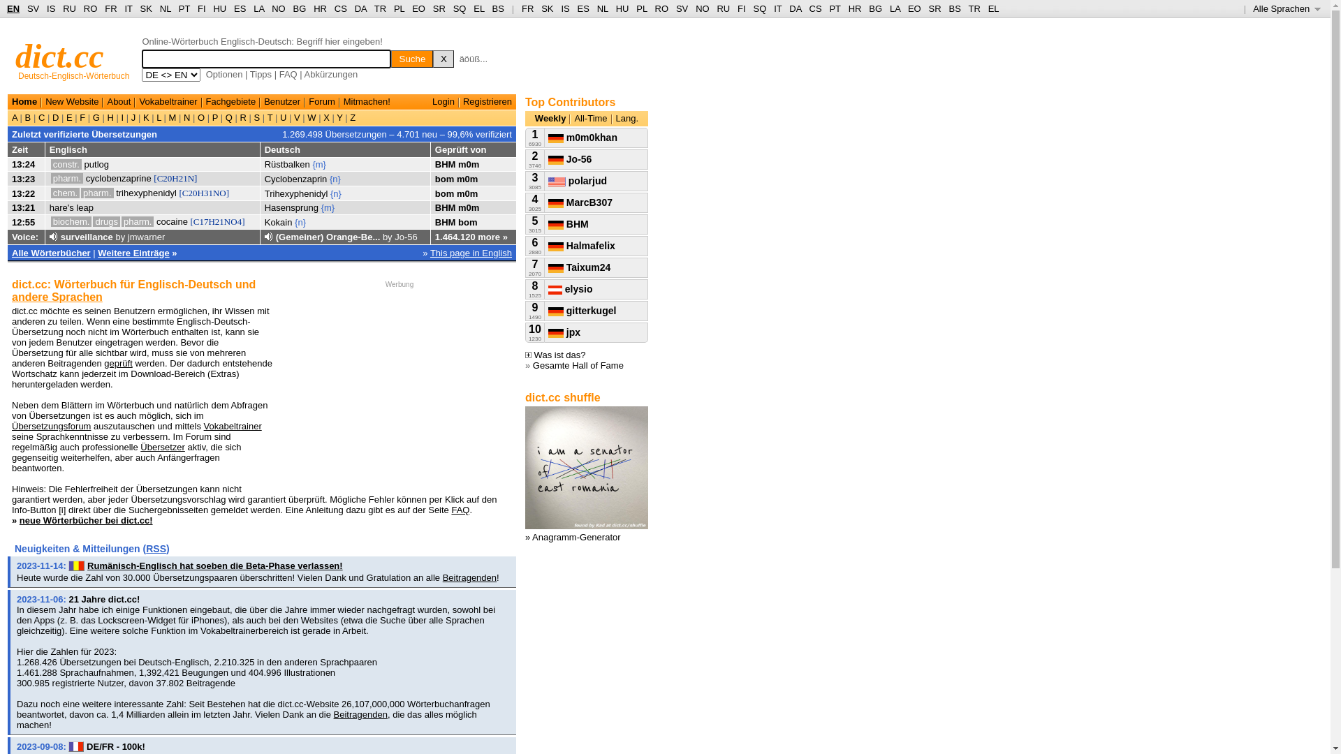 This screenshot has height=754, width=1341. I want to click on 'W', so click(311, 117).